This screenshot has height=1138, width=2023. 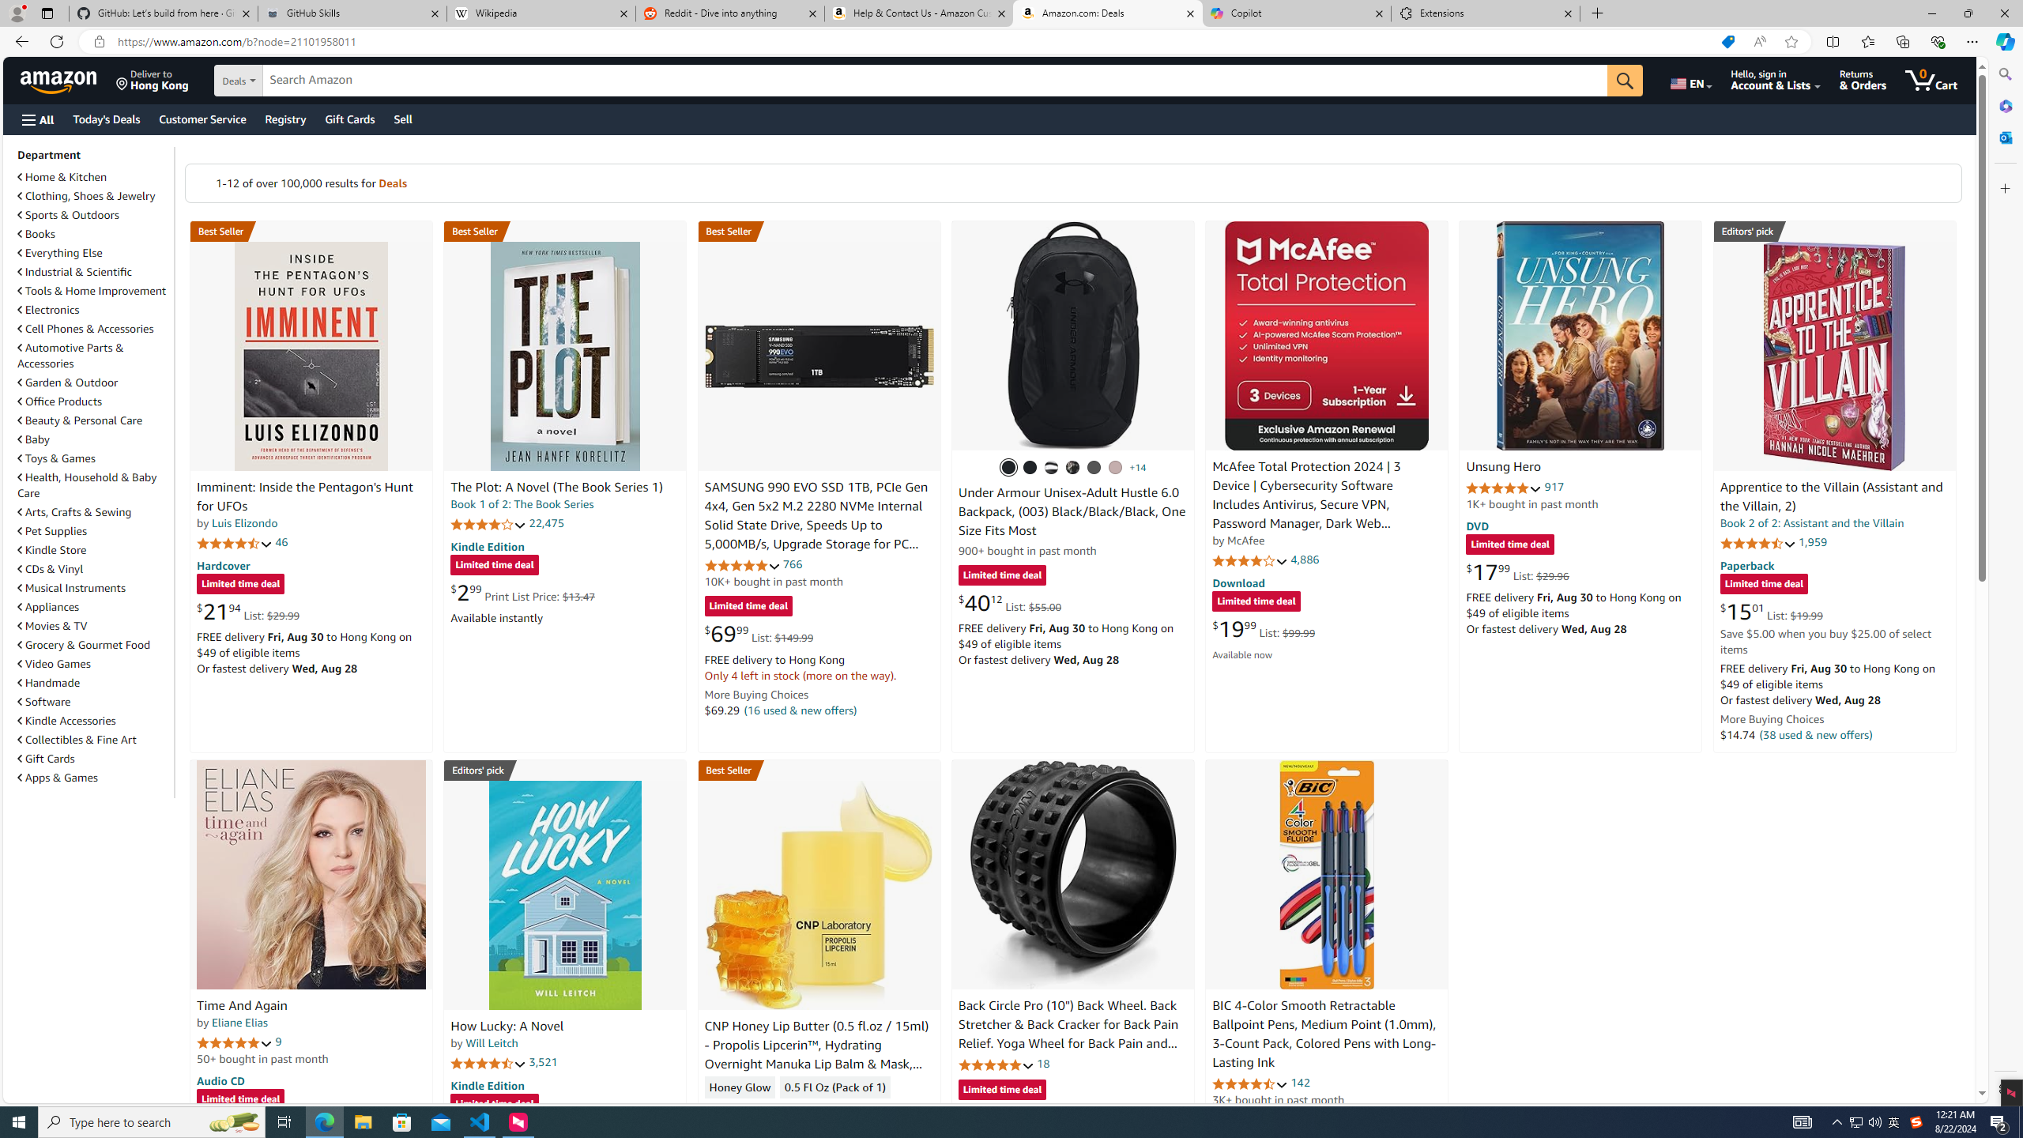 What do you see at coordinates (1930, 79) in the screenshot?
I see `'0 items in cart'` at bounding box center [1930, 79].